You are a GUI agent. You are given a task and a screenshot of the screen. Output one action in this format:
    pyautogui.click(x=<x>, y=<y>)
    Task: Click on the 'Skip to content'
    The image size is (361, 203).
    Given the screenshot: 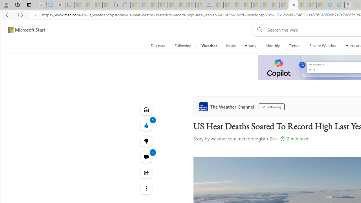 What is the action you would take?
    pyautogui.click(x=24, y=30)
    